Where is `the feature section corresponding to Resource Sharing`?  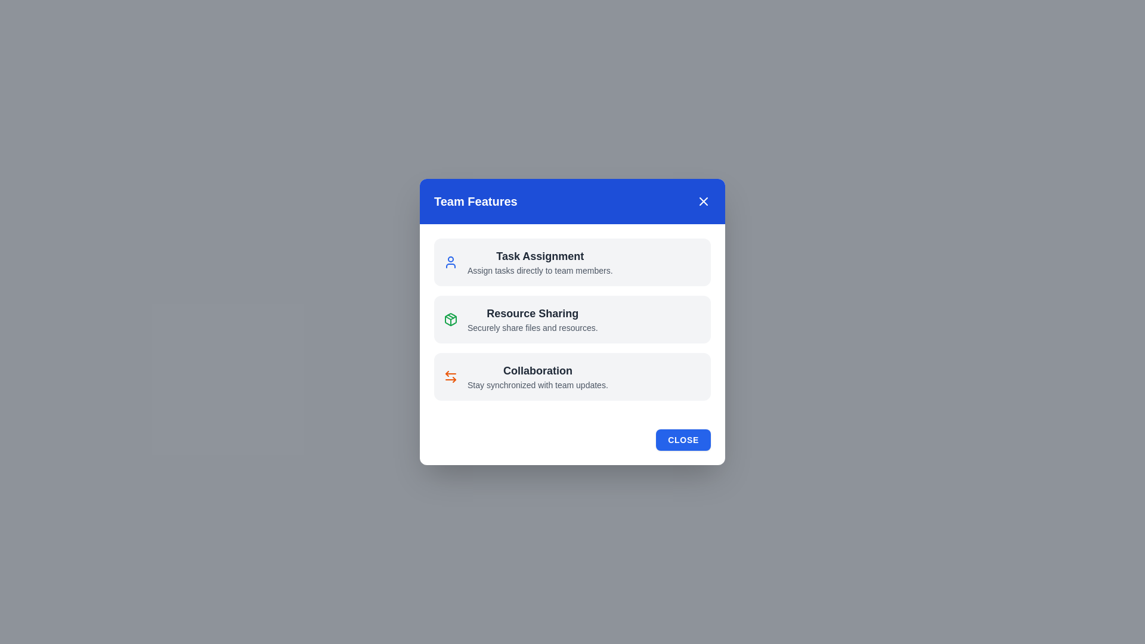 the feature section corresponding to Resource Sharing is located at coordinates (572, 319).